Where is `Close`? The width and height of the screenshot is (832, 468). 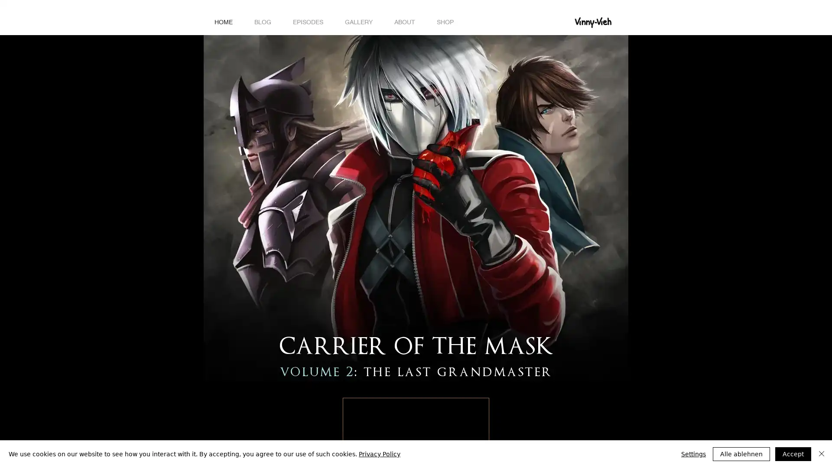
Close is located at coordinates (821, 454).